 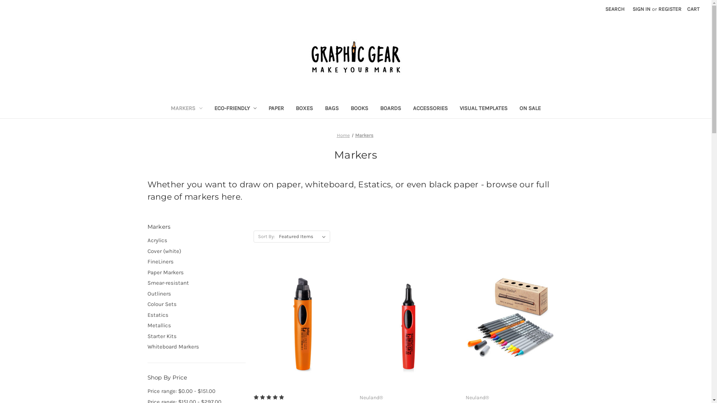 What do you see at coordinates (359, 109) in the screenshot?
I see `'BOOKS'` at bounding box center [359, 109].